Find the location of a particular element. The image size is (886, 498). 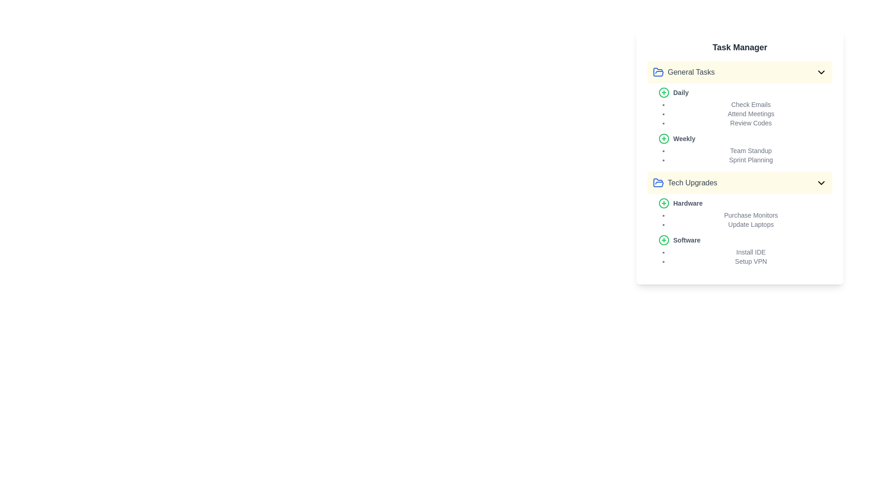

the List item group under the 'Weekly' section of the task hierarchy, positioned below 'General Tasks' is located at coordinates (745, 154).